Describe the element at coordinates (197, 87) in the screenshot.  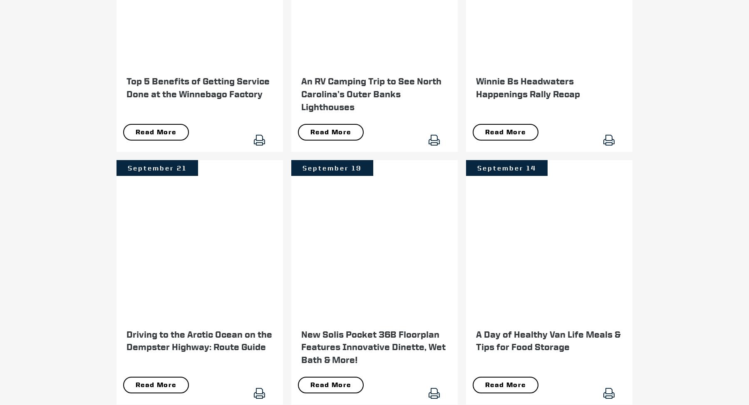
I see `'Top 5 Benefits of Getting Service Done at the Winnebago Factory'` at that location.